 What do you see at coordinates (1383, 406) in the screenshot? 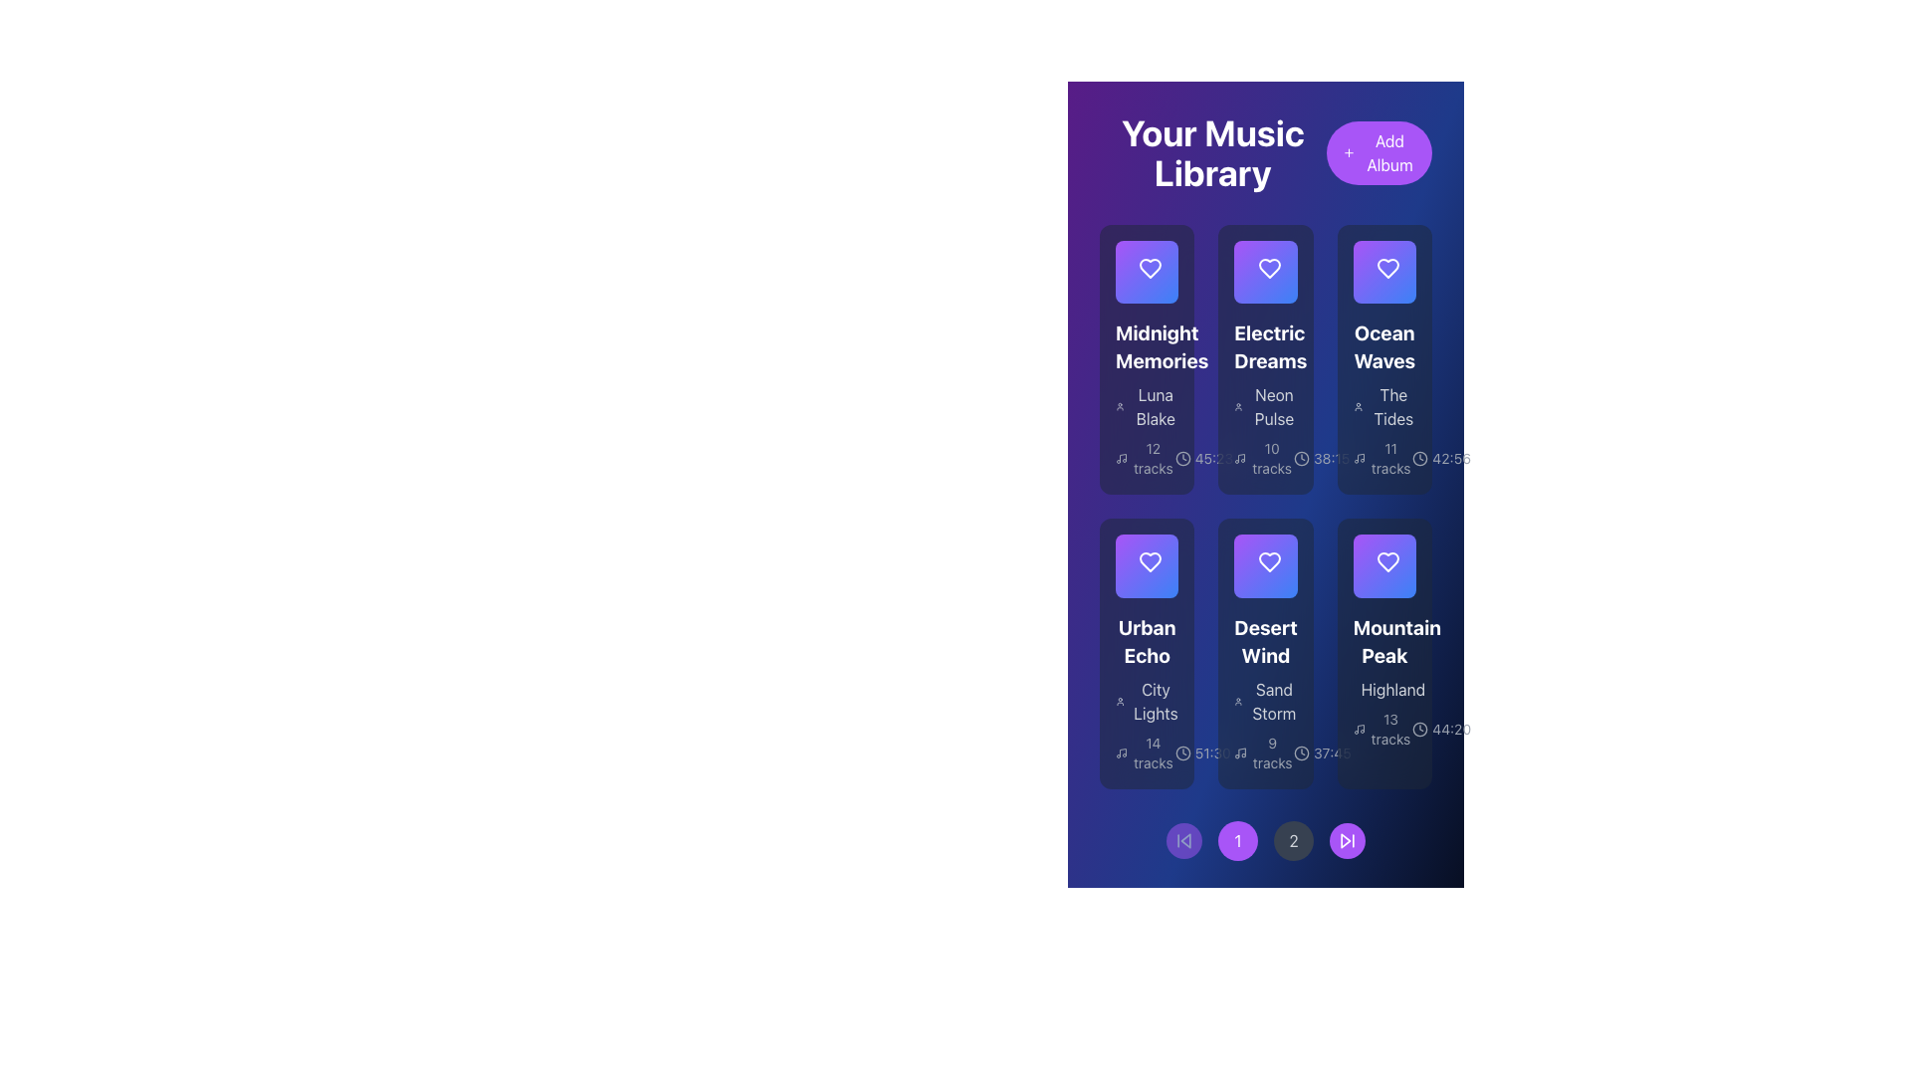
I see `the descriptive label providing additional information about the 'Ocean Waves' album, which is positioned under the title 'Ocean Waves' and aligned with the user icon` at bounding box center [1383, 406].